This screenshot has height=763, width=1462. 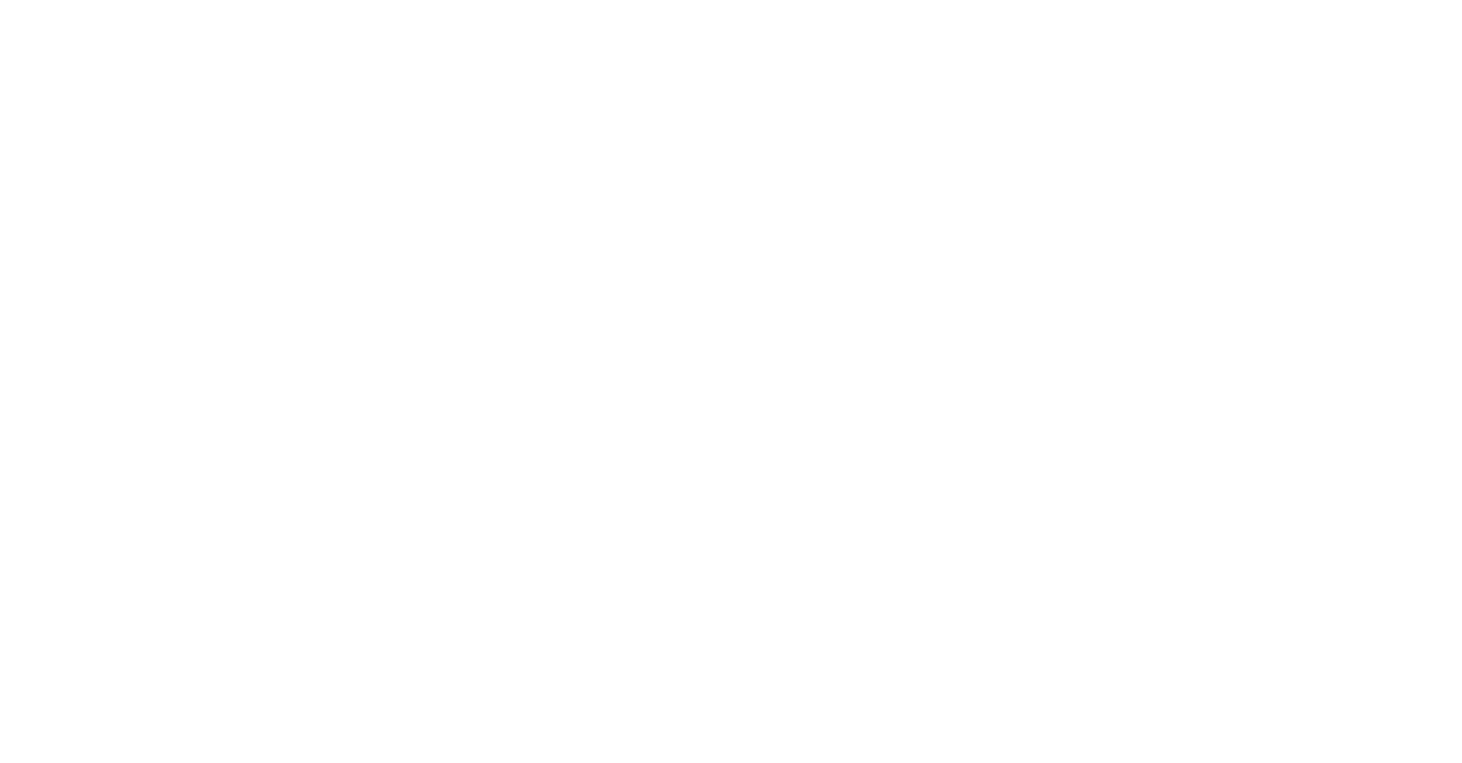 I want to click on 'Netzwerke und Cluster', so click(x=7, y=732).